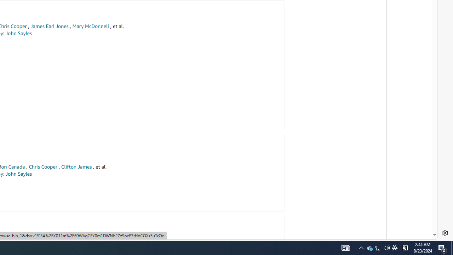  I want to click on 'James Earl Jones', so click(49, 26).